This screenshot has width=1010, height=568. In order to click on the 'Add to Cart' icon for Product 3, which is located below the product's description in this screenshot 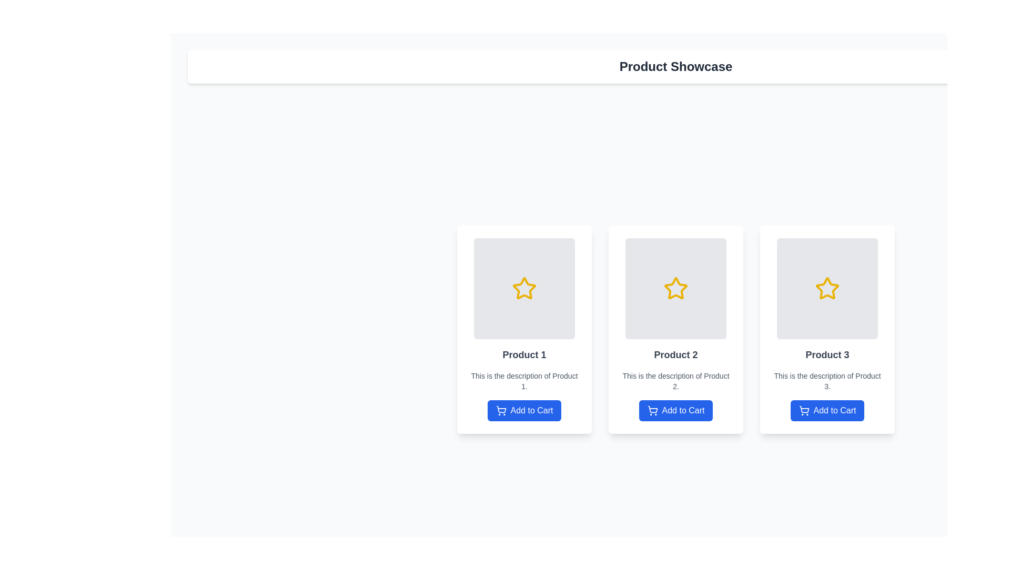, I will do `click(803, 410)`.